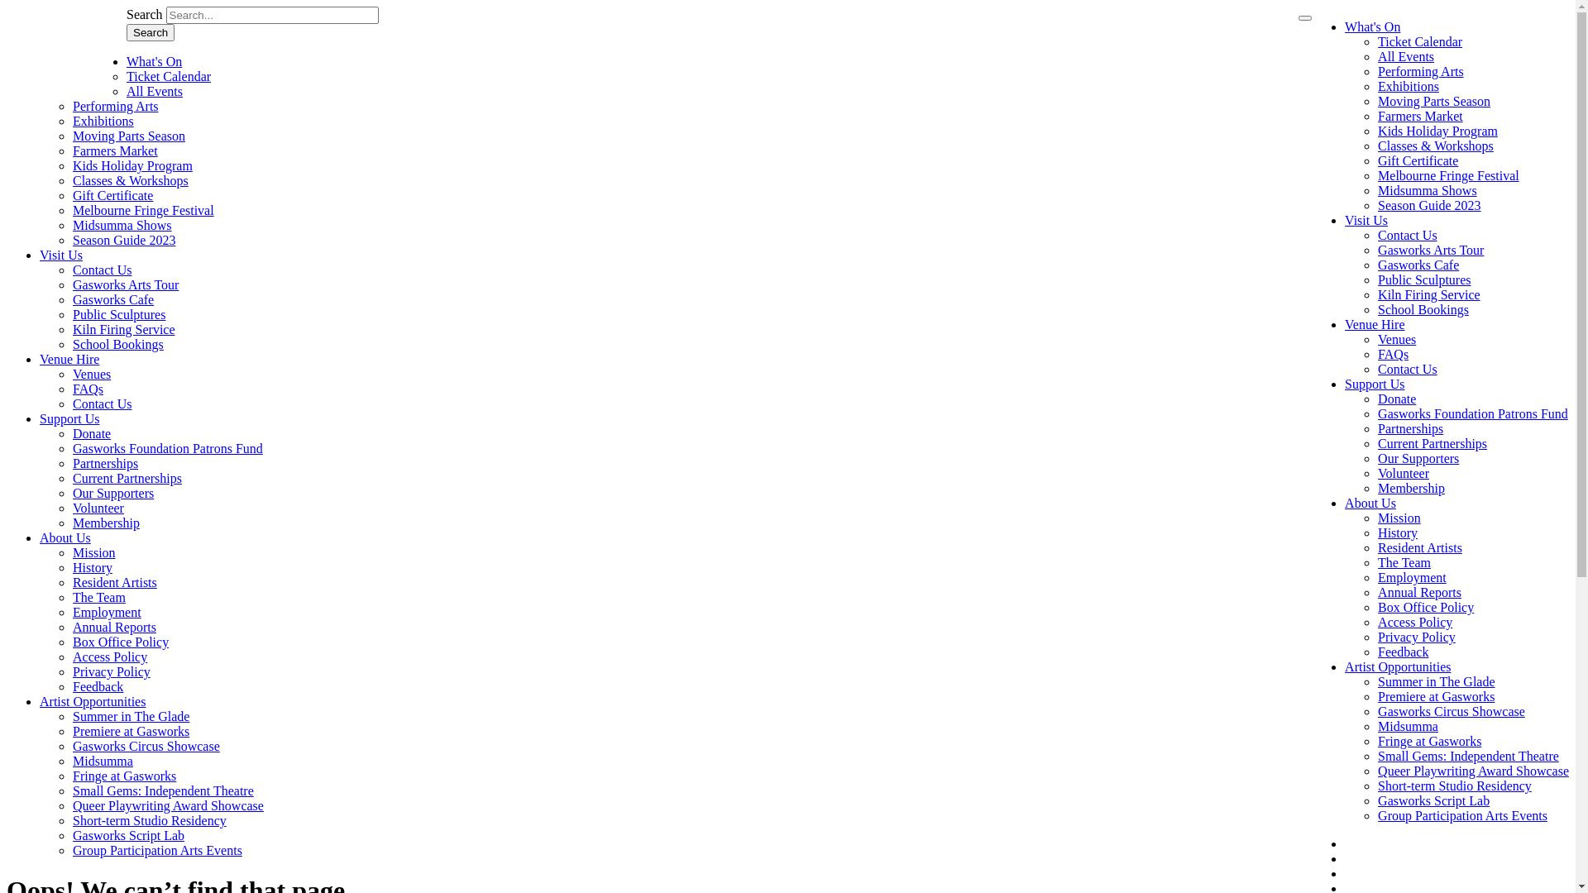 The height and width of the screenshot is (893, 1588). I want to click on 'FAQs', so click(87, 389).